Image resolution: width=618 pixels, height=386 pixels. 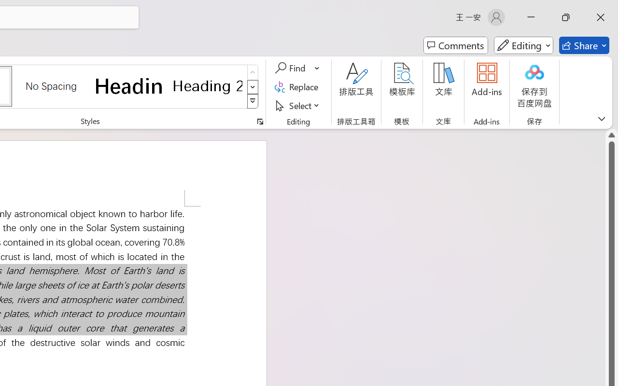 I want to click on 'Row up', so click(x=253, y=72).